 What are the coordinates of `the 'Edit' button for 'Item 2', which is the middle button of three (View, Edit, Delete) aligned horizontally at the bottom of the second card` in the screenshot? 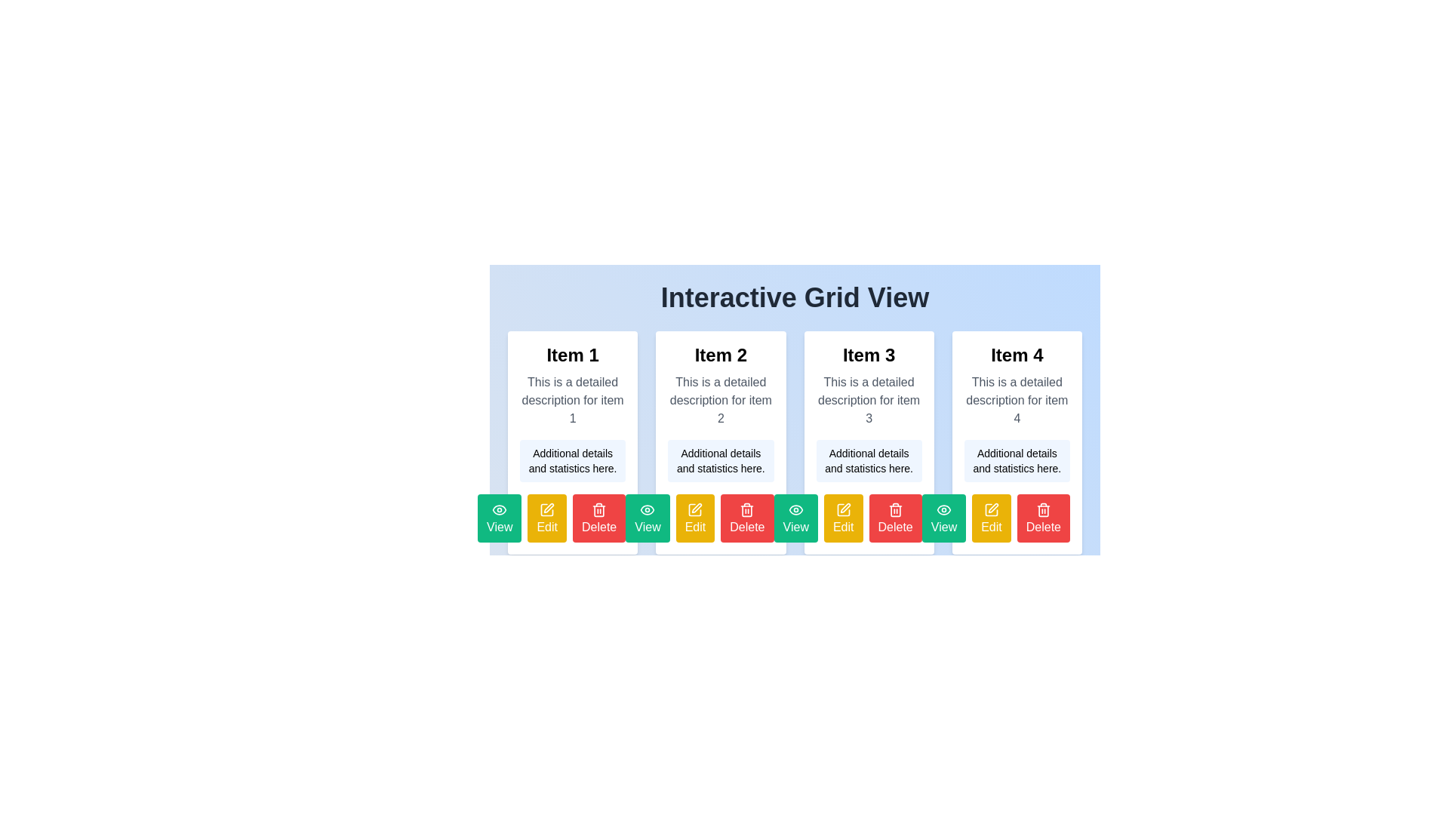 It's located at (546, 759).